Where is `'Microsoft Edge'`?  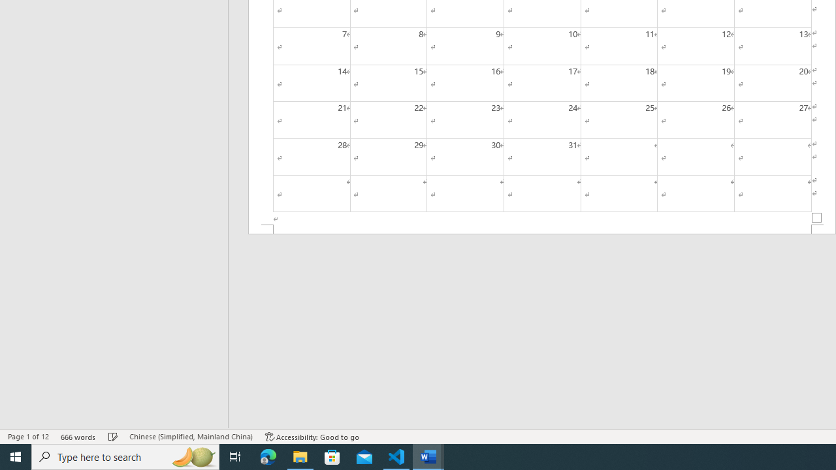 'Microsoft Edge' is located at coordinates (268, 456).